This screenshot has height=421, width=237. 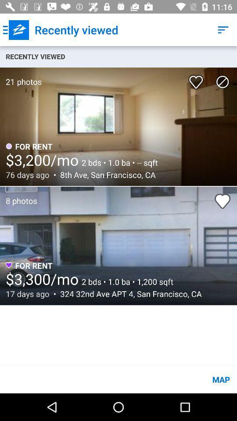 What do you see at coordinates (197, 78) in the screenshot?
I see `the item next to the 21 photos` at bounding box center [197, 78].